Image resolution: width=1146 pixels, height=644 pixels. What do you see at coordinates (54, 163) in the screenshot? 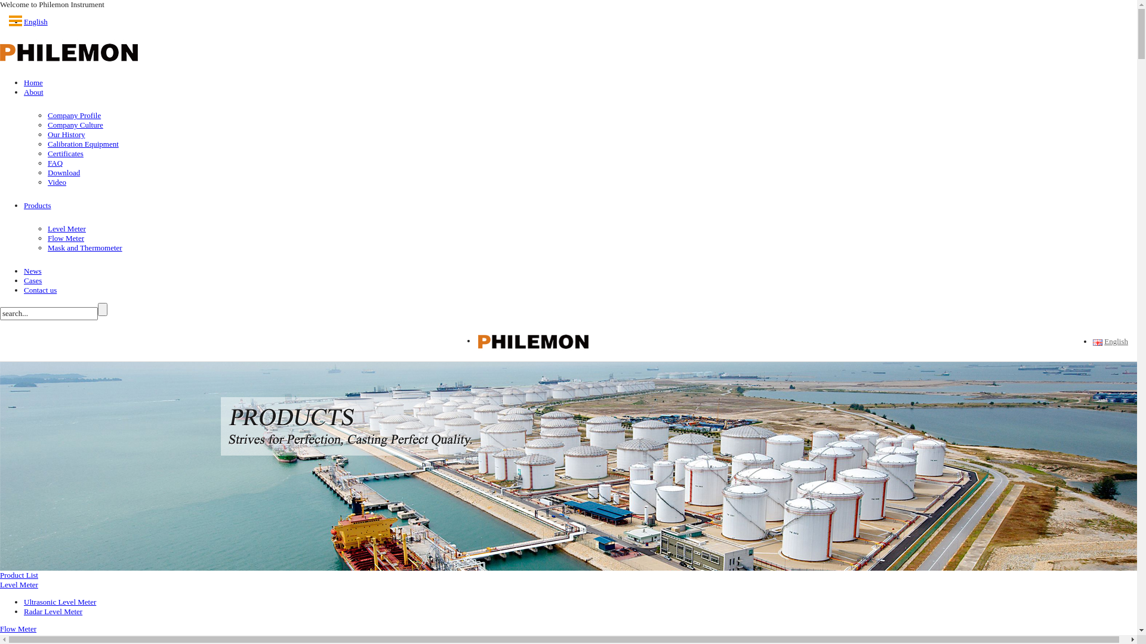
I see `'FAQ'` at bounding box center [54, 163].